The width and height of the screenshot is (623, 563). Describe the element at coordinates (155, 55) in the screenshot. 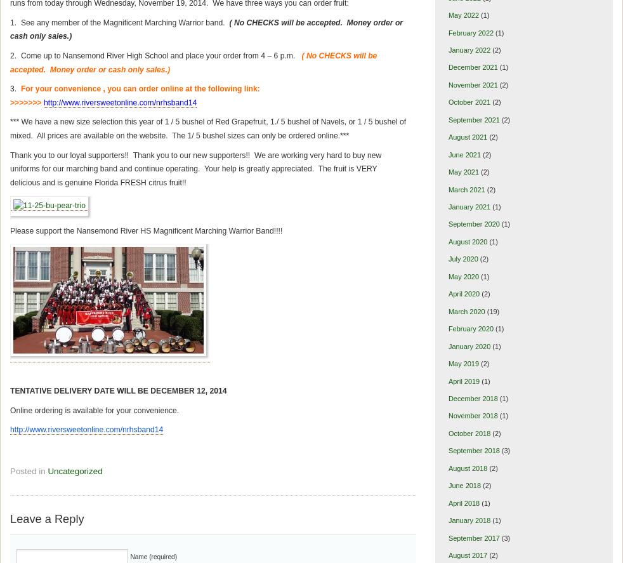

I see `'2.  Come up to Nansemond River High School and place your order from 4 – 6 p.m.'` at that location.